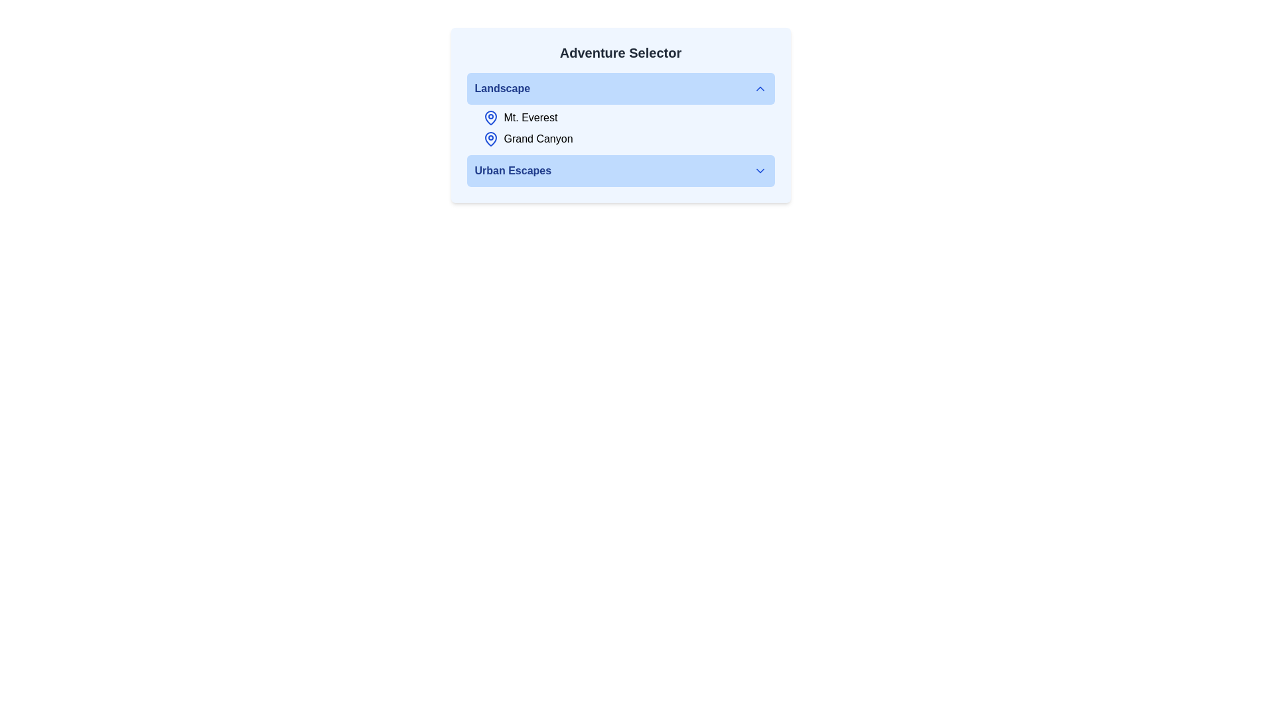 The height and width of the screenshot is (716, 1274). Describe the element at coordinates (490, 139) in the screenshot. I see `the 'Grand Canyon' icon located to the left of the text in the 'Landscape' section of the 'Adventure Selector'` at that location.